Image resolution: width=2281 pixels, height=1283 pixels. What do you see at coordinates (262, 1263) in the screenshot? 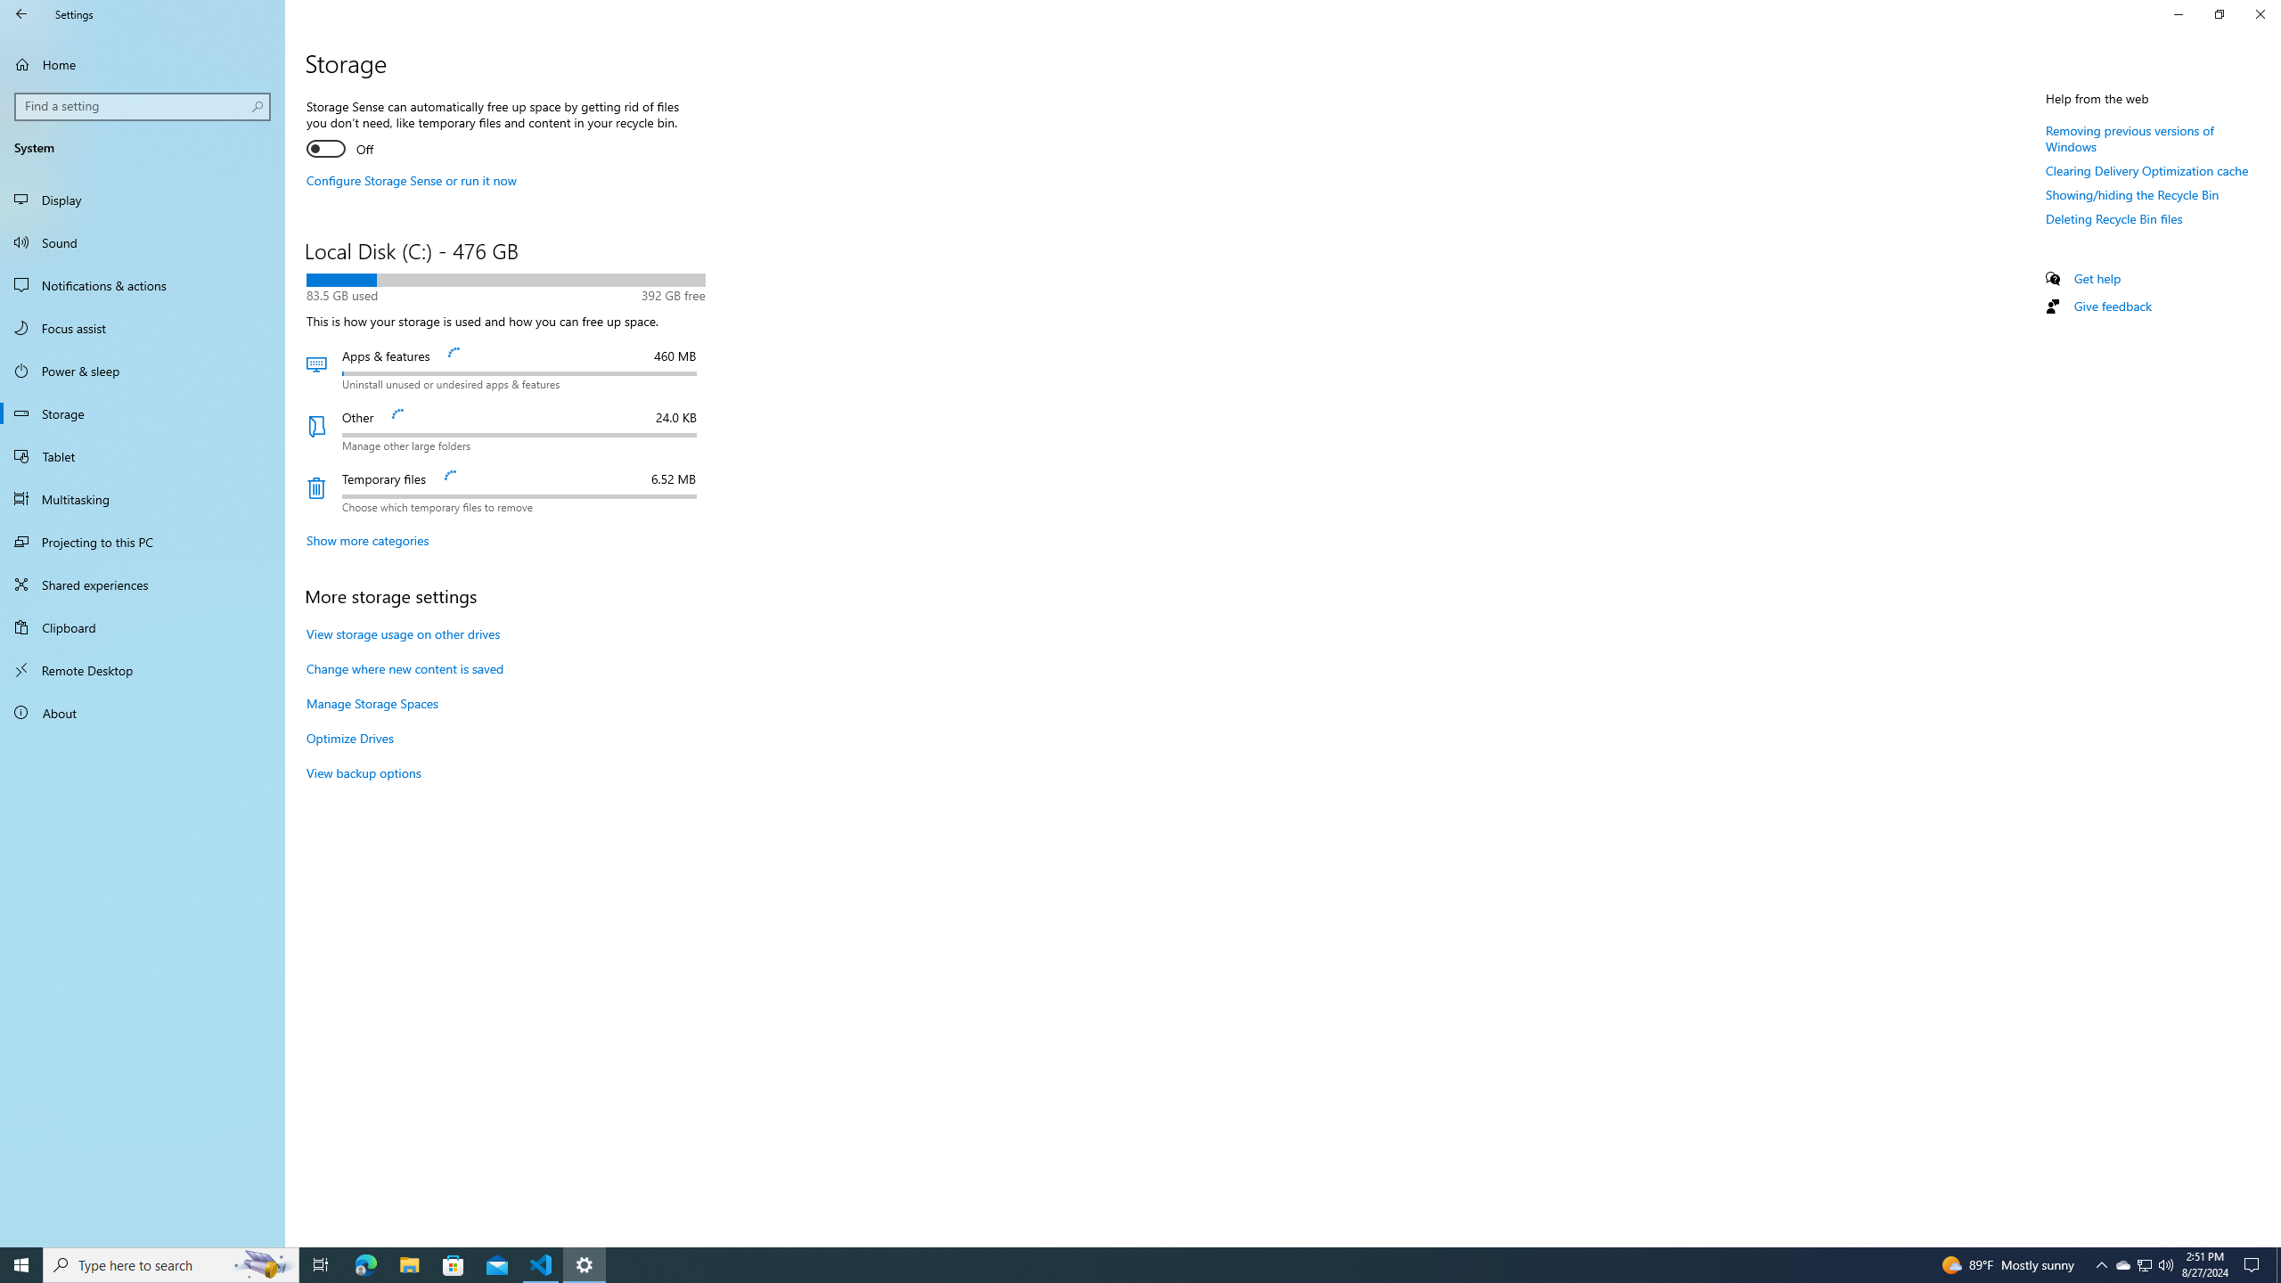
I see `'Search highlights icon opens search home window'` at bounding box center [262, 1263].